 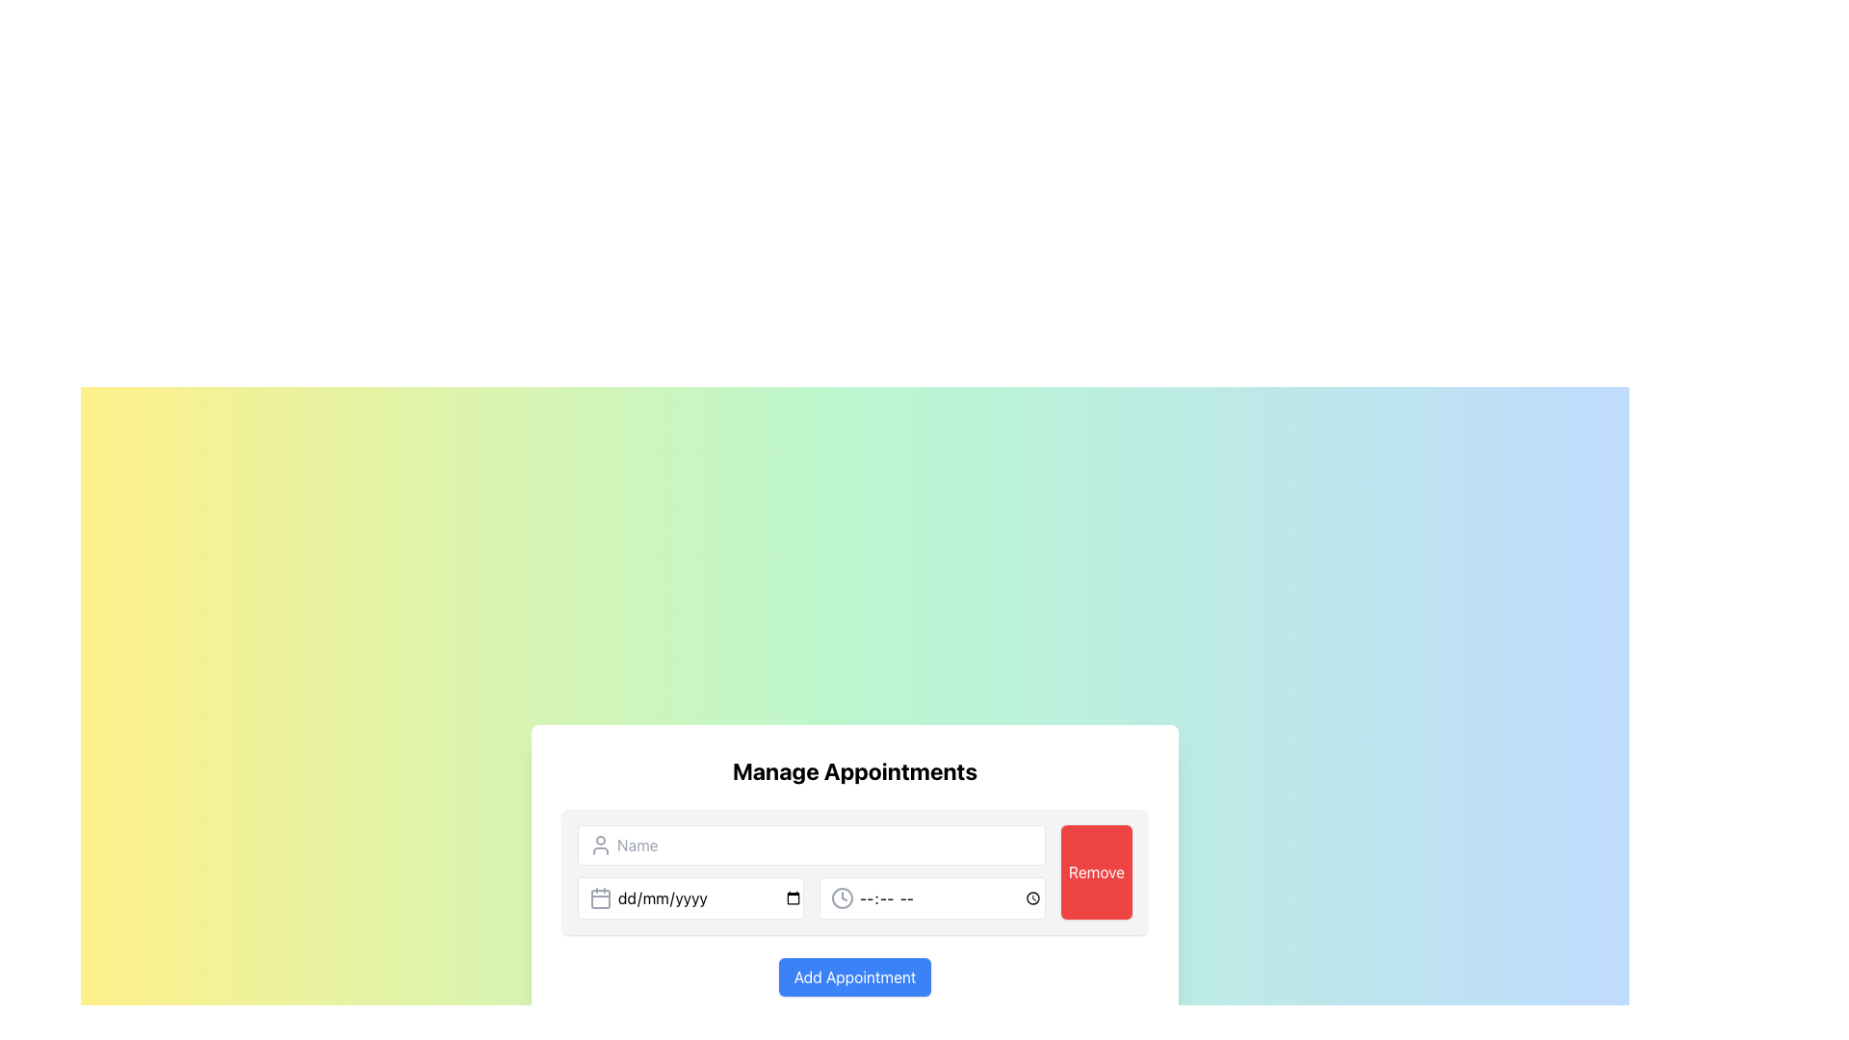 I want to click on the 'Add Appointment' button, which is a blue rectangular button with white text, located below the 'Manage Appointments' section and to the right of the 'Remove' button, so click(x=854, y=976).